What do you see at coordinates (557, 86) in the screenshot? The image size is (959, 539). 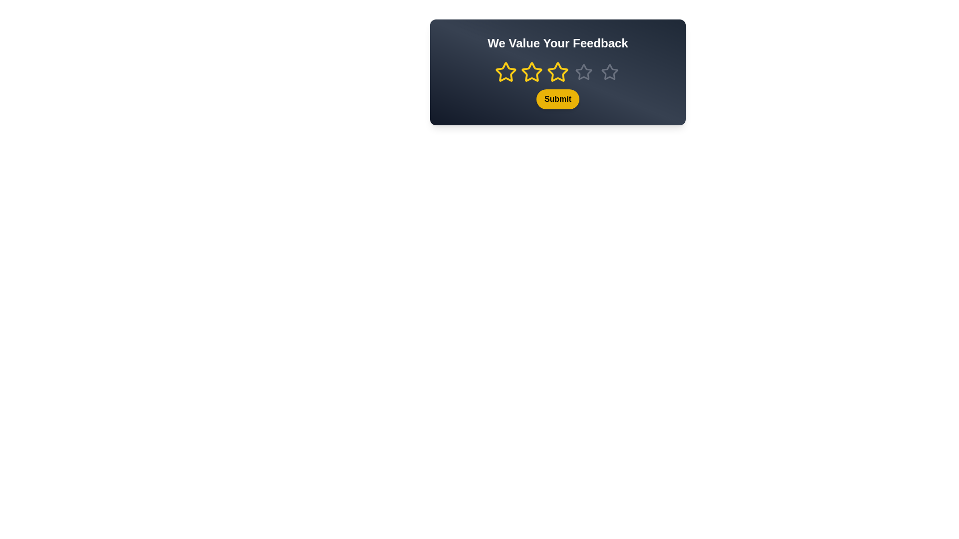 I see `the feedback submission button located at the bottom center of the feedback section to observe the hover effect` at bounding box center [557, 86].